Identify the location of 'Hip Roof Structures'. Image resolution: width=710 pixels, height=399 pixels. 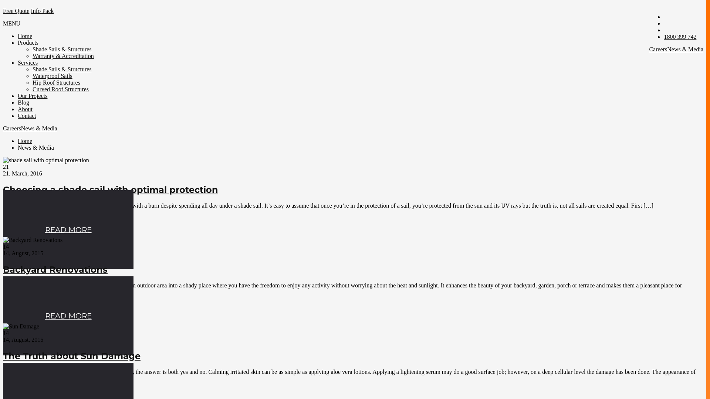
(56, 82).